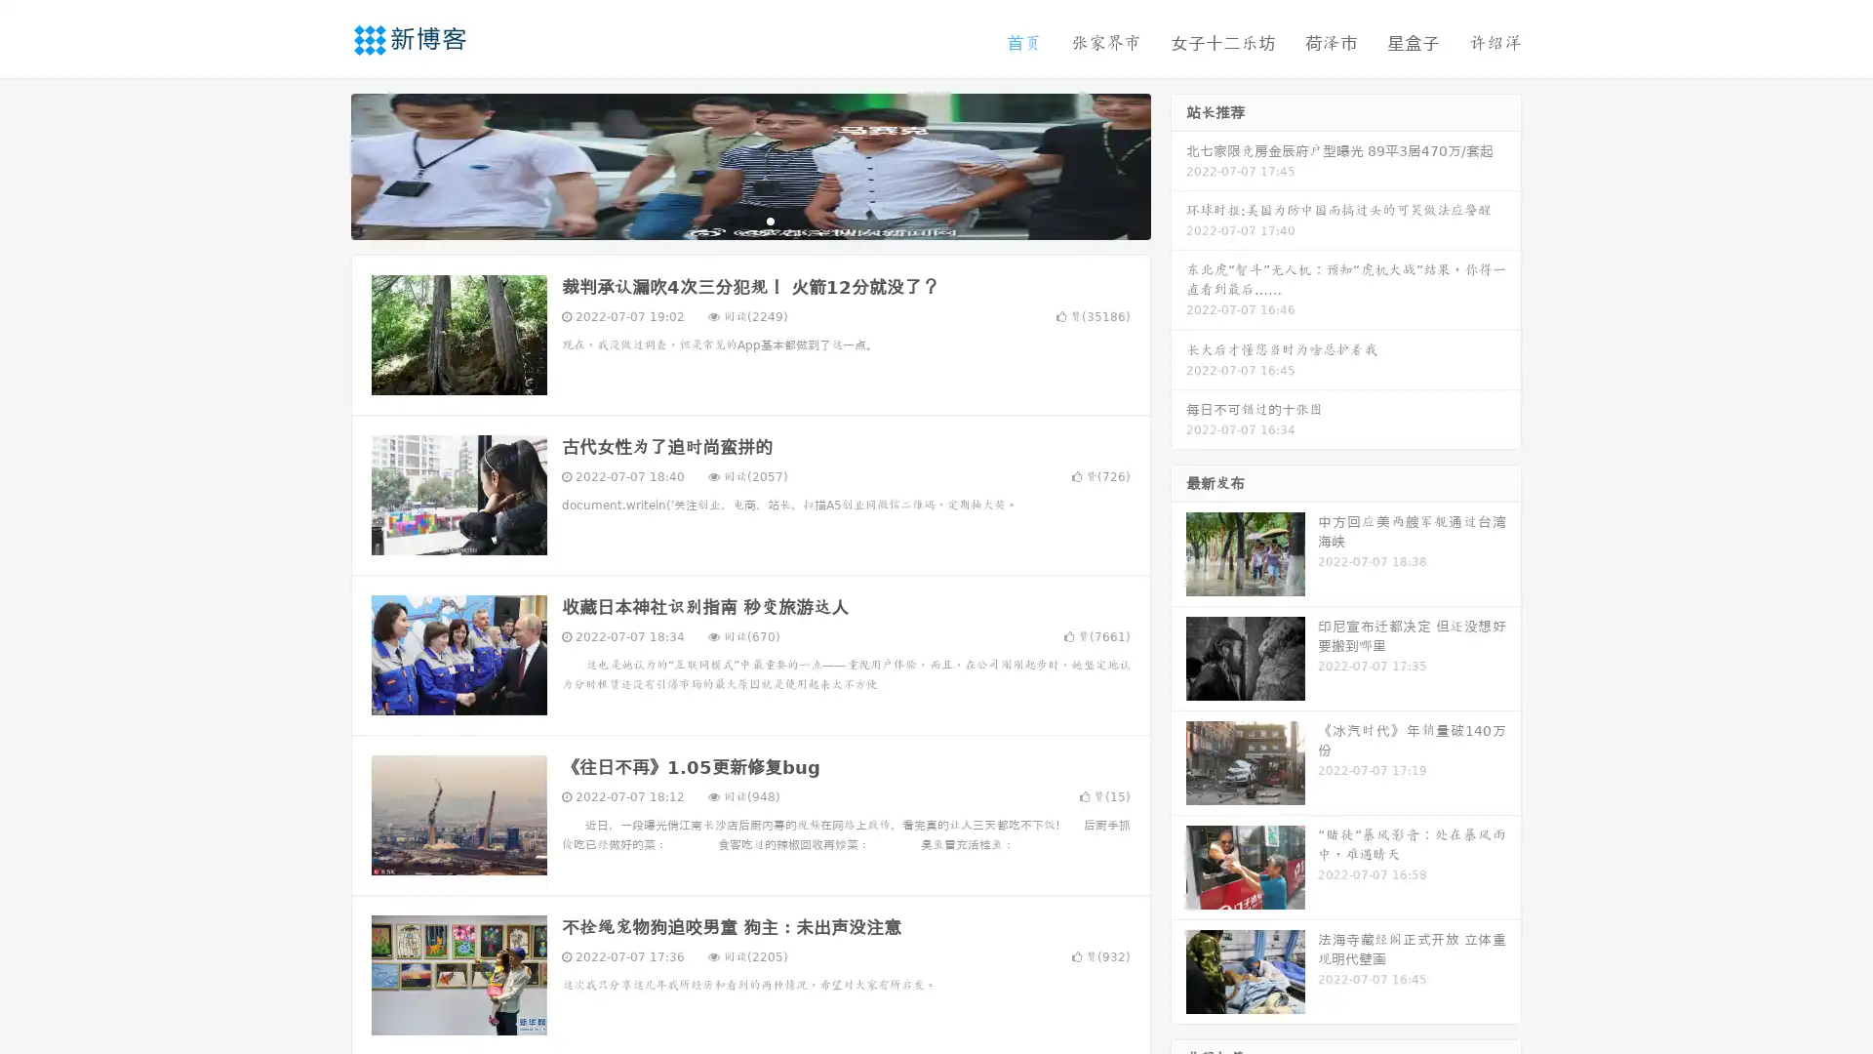 The height and width of the screenshot is (1054, 1873). Describe the element at coordinates (770, 220) in the screenshot. I see `Go to slide 3` at that location.